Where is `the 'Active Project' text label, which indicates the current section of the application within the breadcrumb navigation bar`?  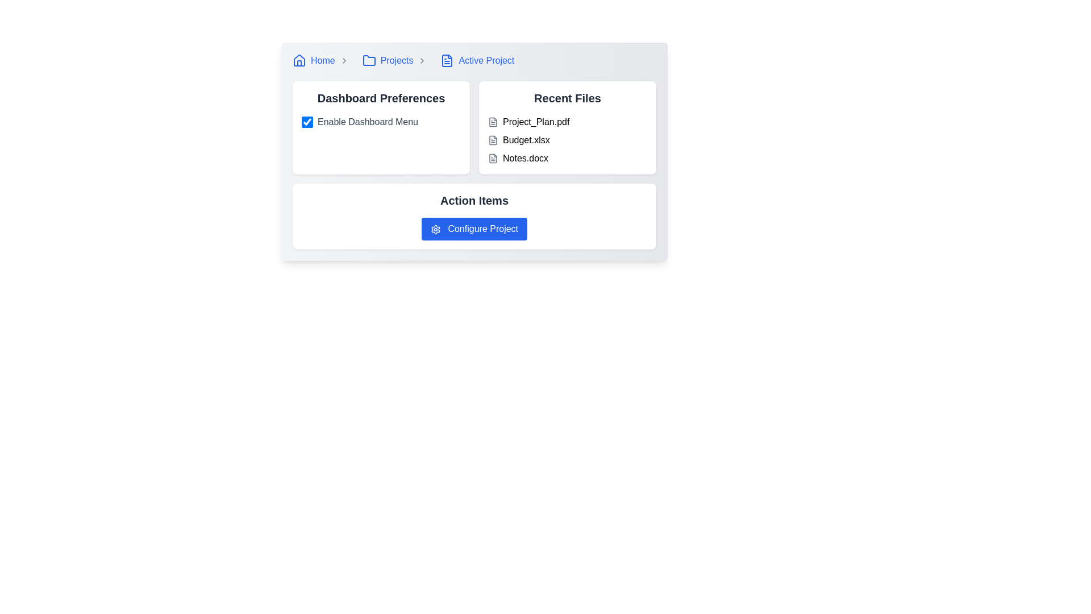
the 'Active Project' text label, which indicates the current section of the application within the breadcrumb navigation bar is located at coordinates (486, 61).